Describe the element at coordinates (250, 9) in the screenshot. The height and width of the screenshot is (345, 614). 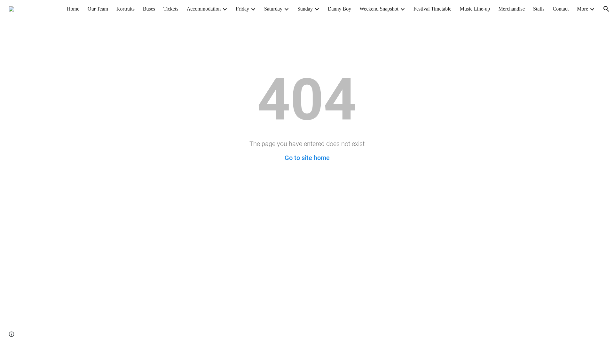
I see `'Expand/Collapse'` at that location.